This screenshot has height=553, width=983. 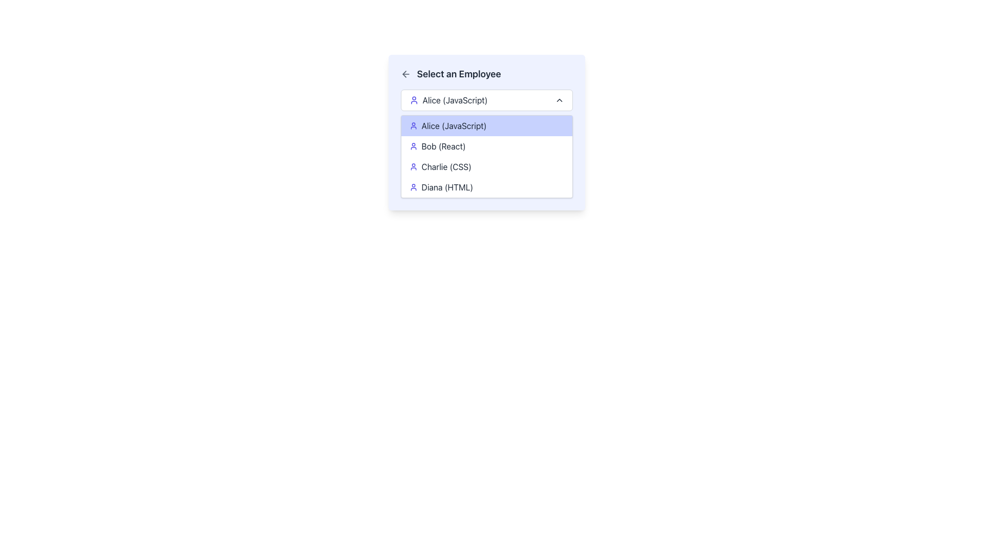 I want to click on the topmost item in the dropdown list labeled 'Select an Employee' to potentially reveal tooltips or highlights, so click(x=448, y=100).